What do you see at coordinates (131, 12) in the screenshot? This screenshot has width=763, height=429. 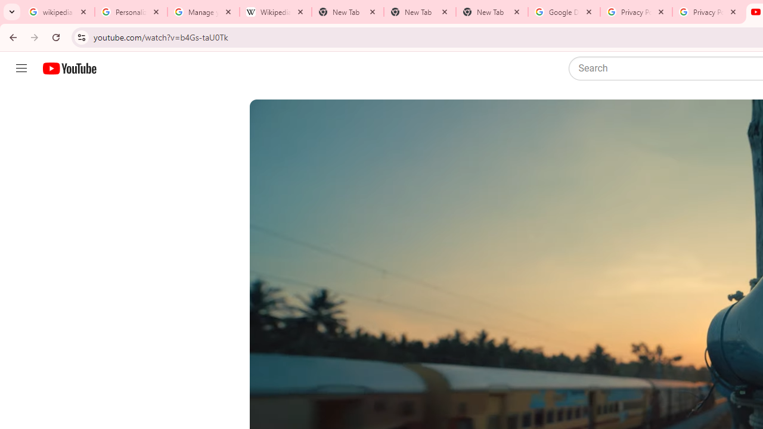 I see `'Personalization & Google Search results - Google Search Help'` at bounding box center [131, 12].